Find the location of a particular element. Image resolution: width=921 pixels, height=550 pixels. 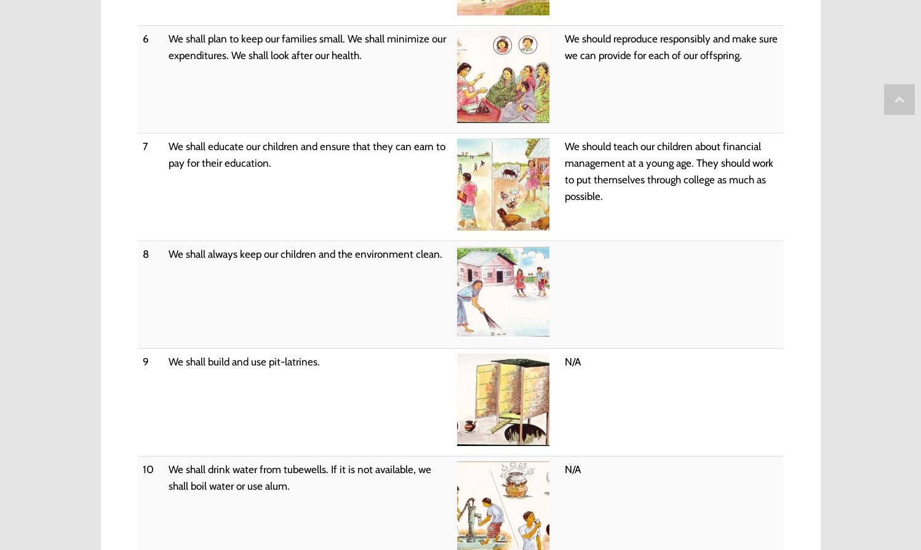

'We shall educate our children and ensure that they can earn to pay for their education.' is located at coordinates (306, 153).